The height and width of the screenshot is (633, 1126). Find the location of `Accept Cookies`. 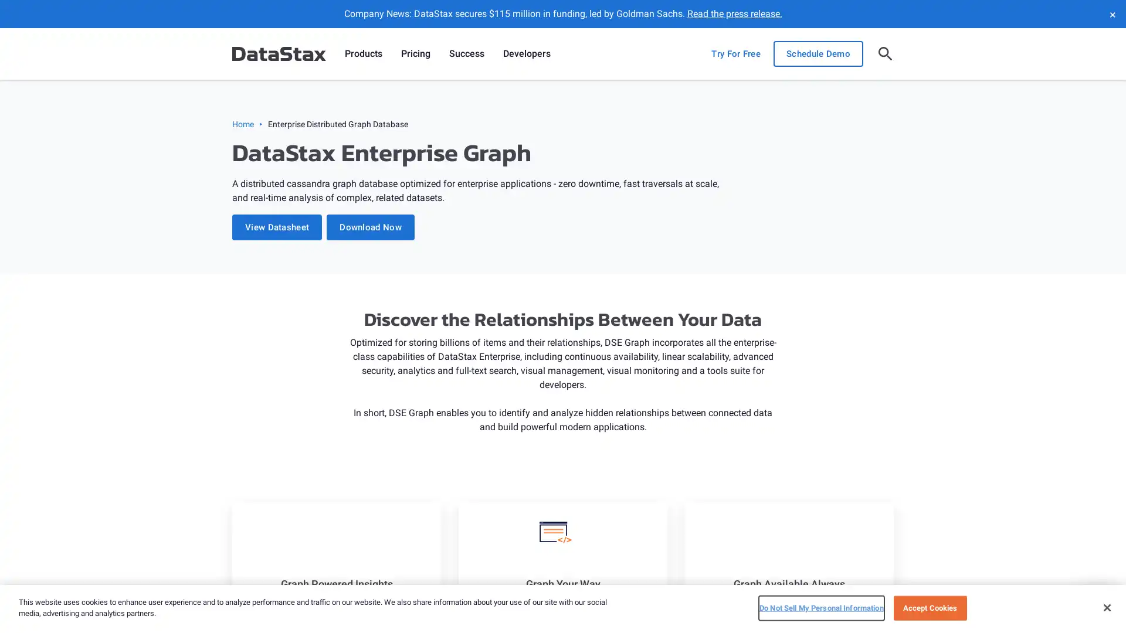

Accept Cookies is located at coordinates (929, 607).